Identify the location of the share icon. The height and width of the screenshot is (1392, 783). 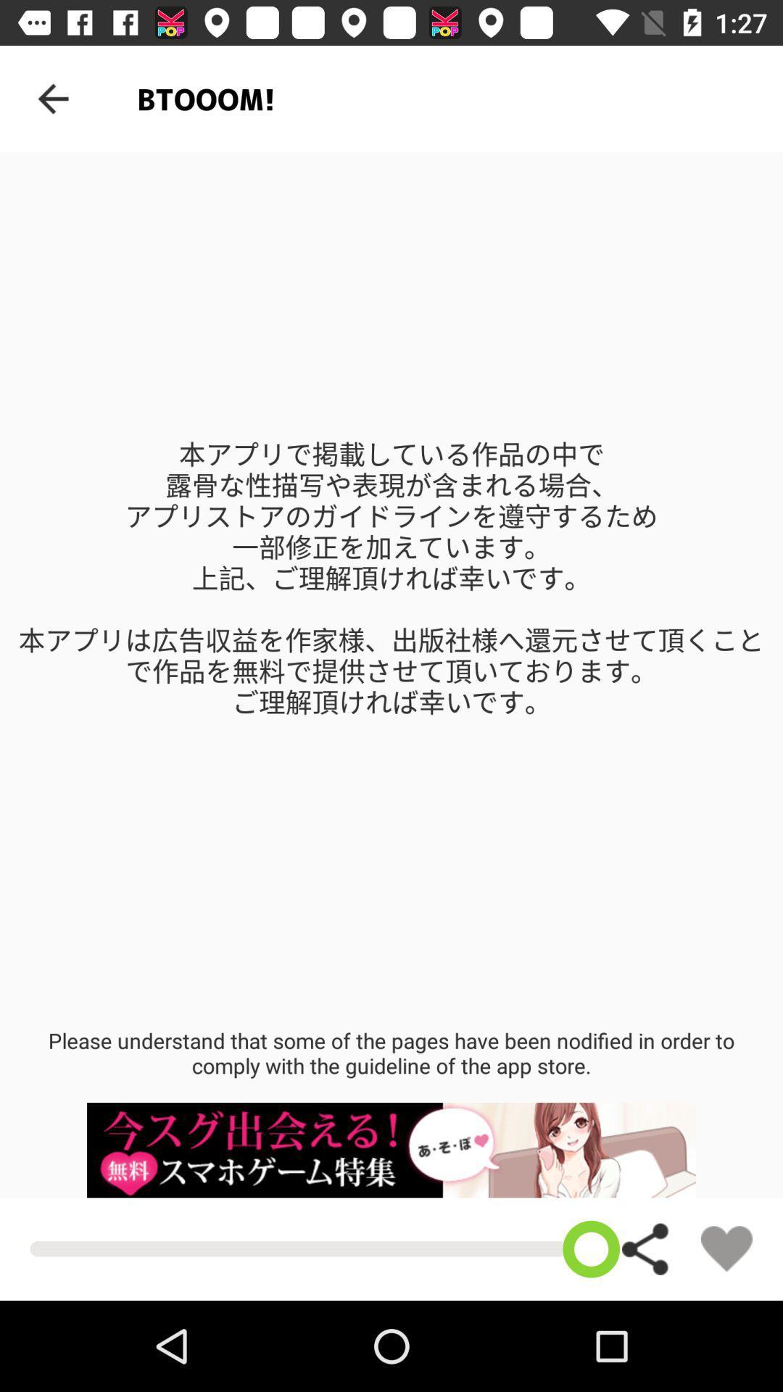
(645, 1248).